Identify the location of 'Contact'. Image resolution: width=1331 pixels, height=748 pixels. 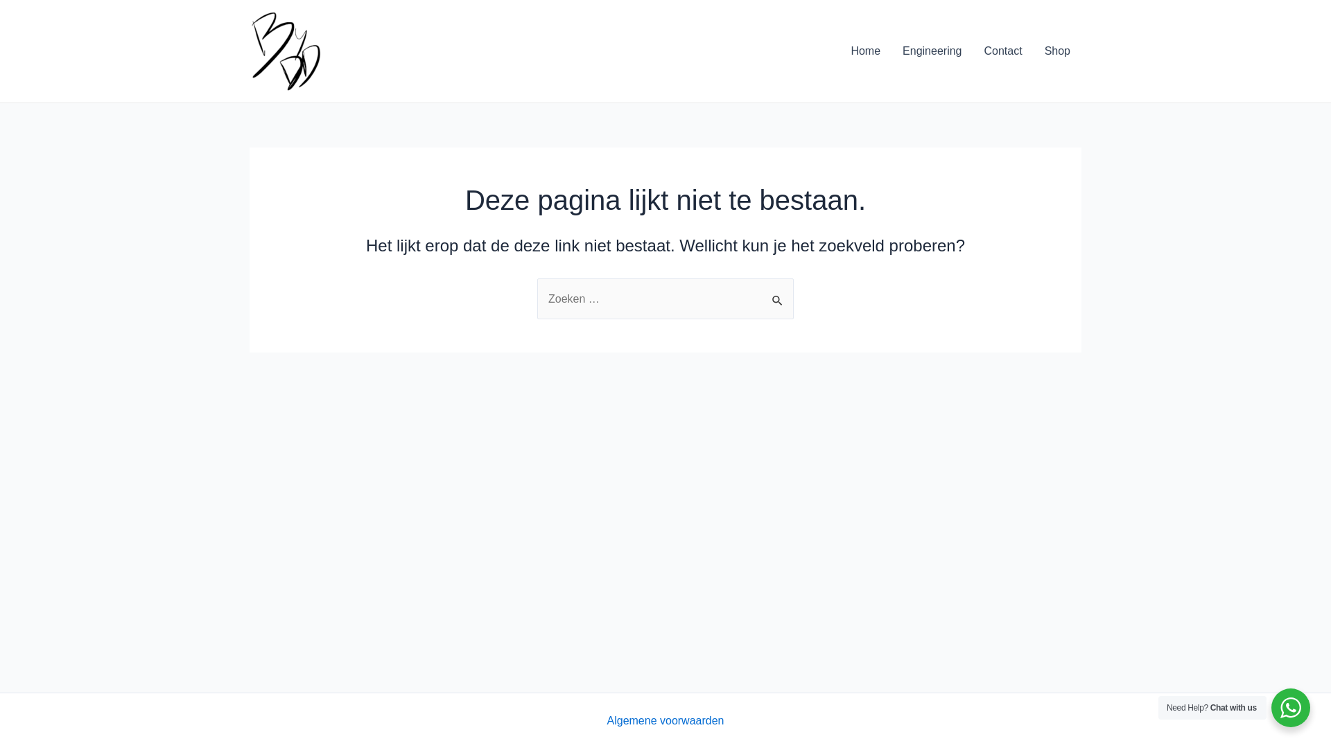
(1002, 50).